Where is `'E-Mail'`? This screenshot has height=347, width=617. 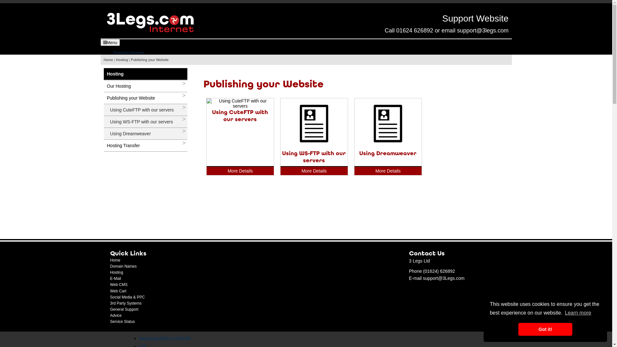 'E-Mail' is located at coordinates (119, 277).